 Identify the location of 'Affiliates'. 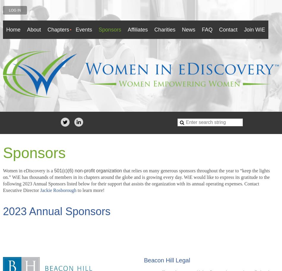
(137, 29).